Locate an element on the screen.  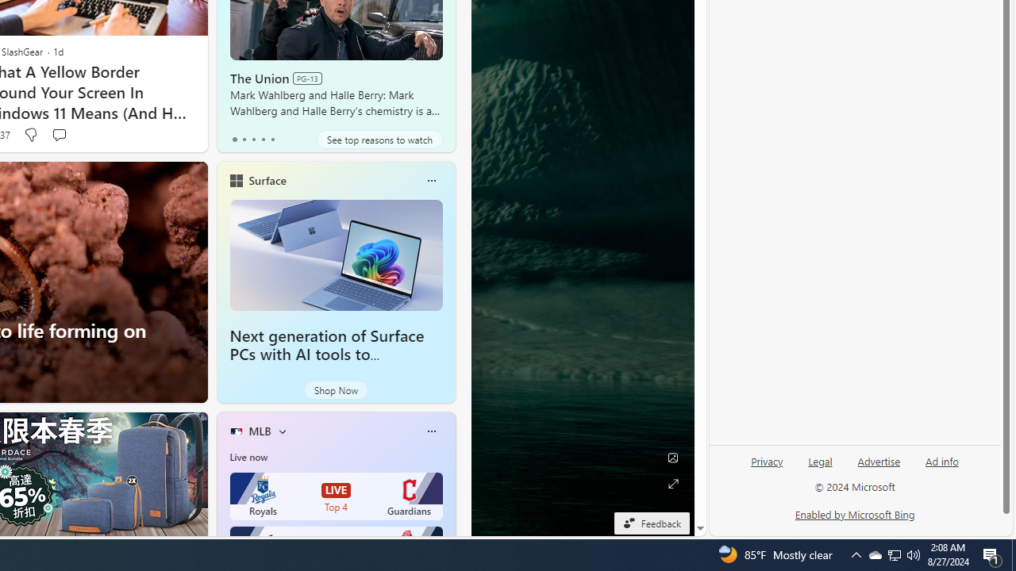
'Shop Now' is located at coordinates (335, 390).